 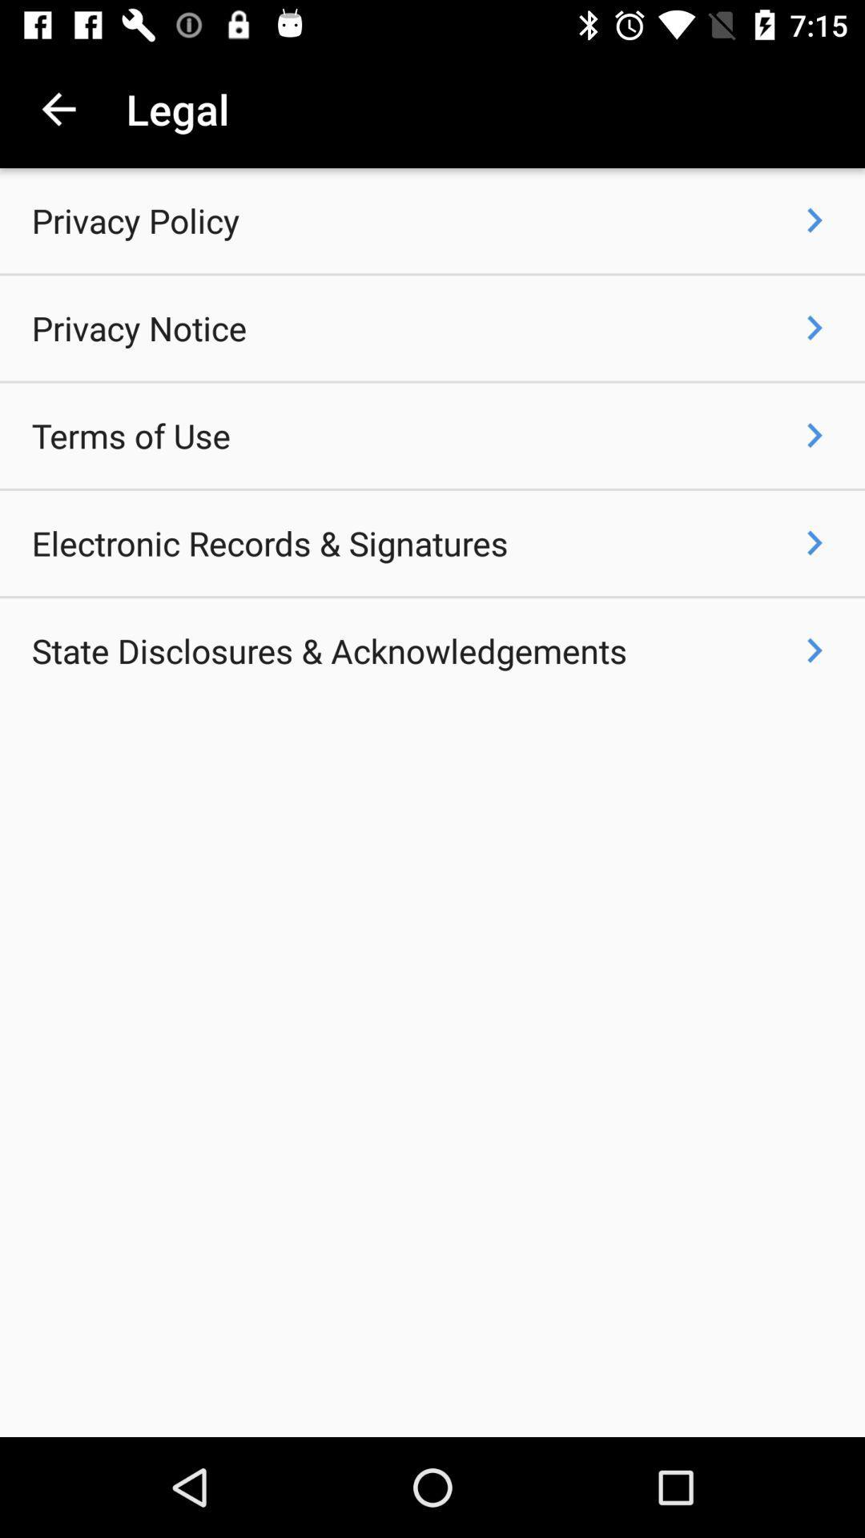 What do you see at coordinates (58, 108) in the screenshot?
I see `item above the privacy policy` at bounding box center [58, 108].